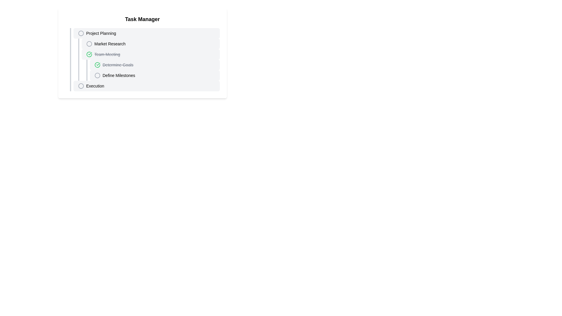 This screenshot has height=316, width=562. Describe the element at coordinates (155, 65) in the screenshot. I see `the completed task labeled 'Determine Goals', which is displayed with a strikethrough style` at that location.